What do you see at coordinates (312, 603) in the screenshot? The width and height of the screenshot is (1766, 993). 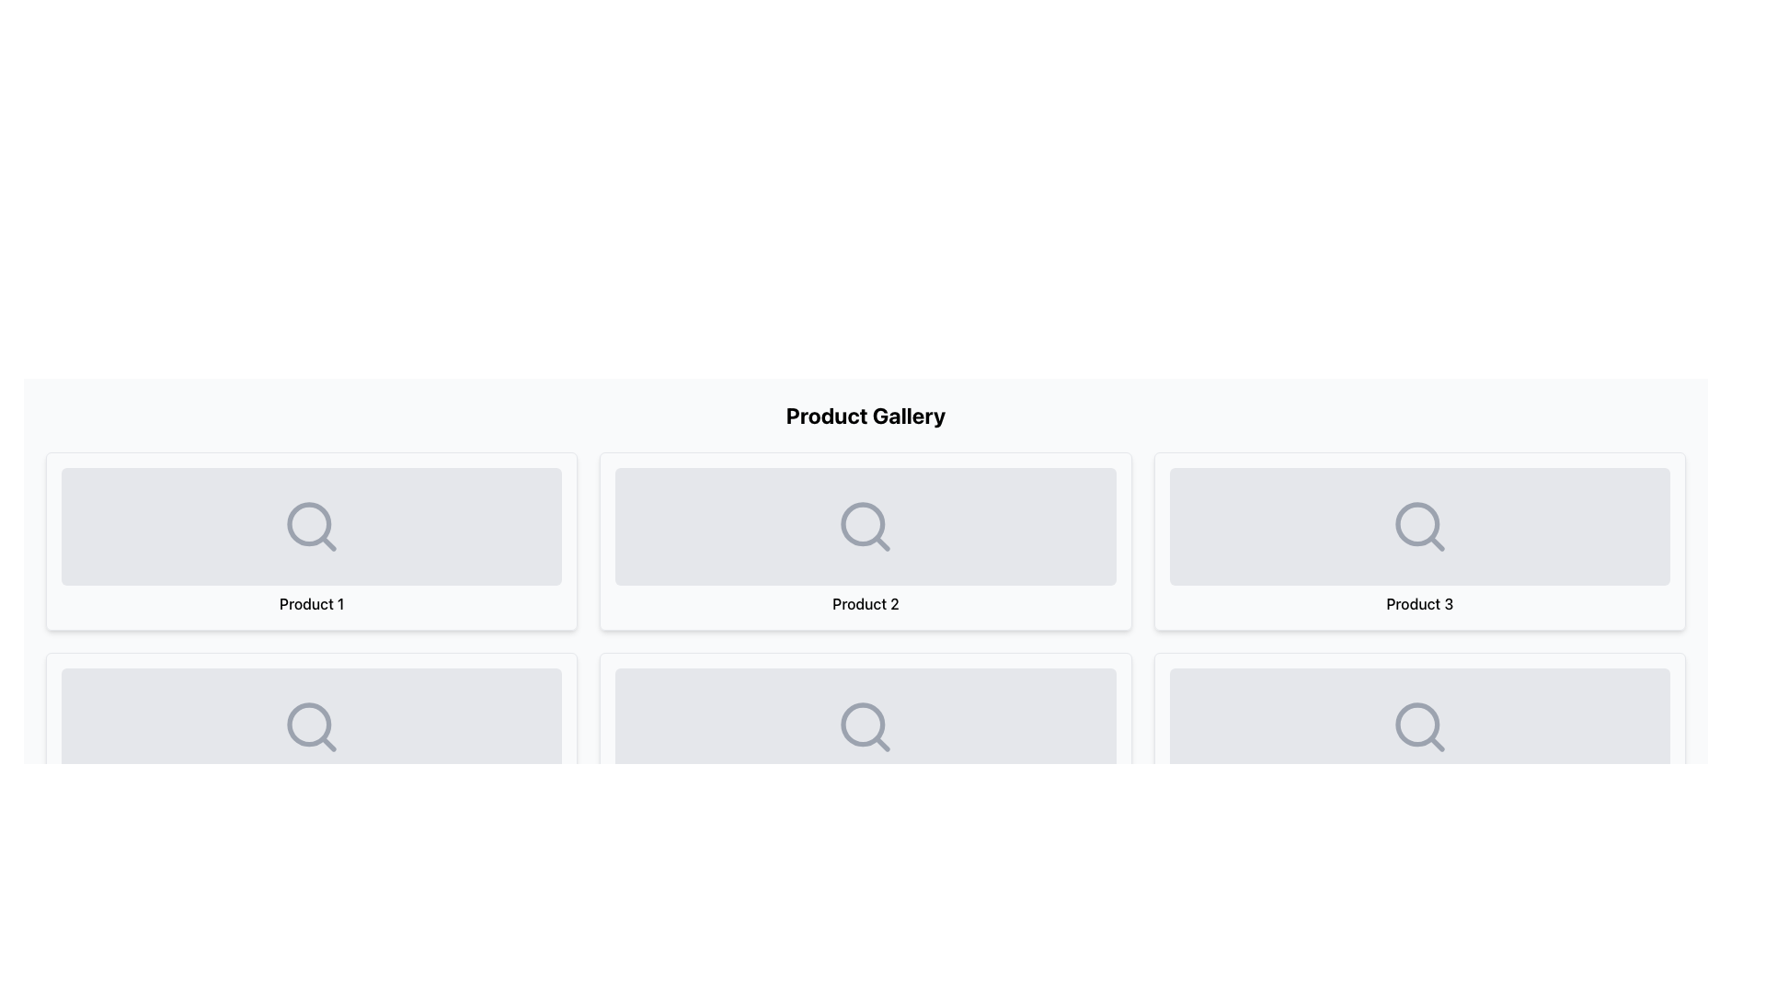 I see `the text label representing the product name located at the bottom section of the first card in the product grid` at bounding box center [312, 603].